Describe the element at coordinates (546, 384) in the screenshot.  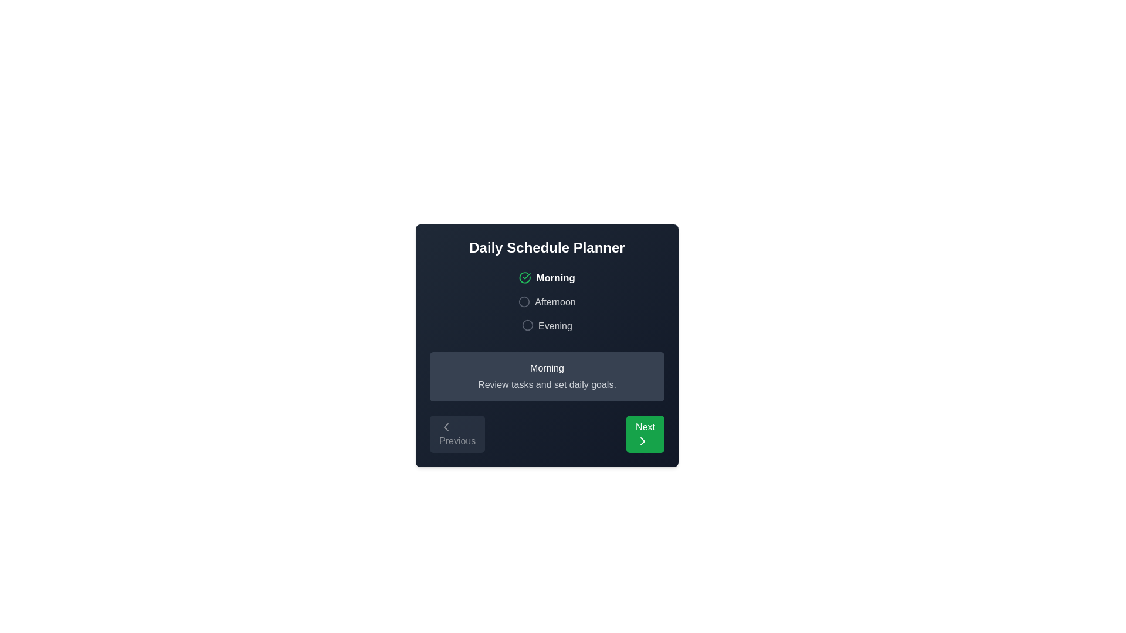
I see `additional information or context text displayed under the 'Morning' selection in the Daily Schedule Planner interface` at that location.